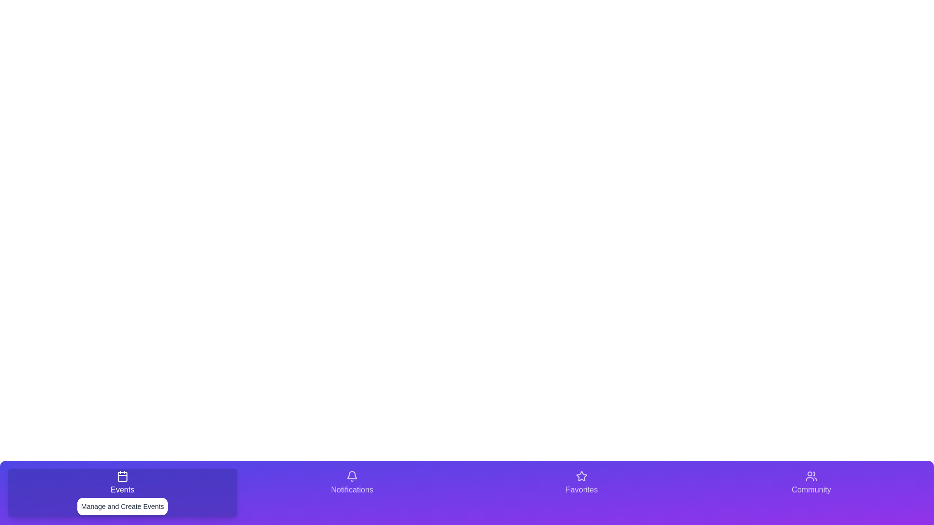 This screenshot has height=525, width=934. Describe the element at coordinates (581, 493) in the screenshot. I see `the tab corresponding to Favorites` at that location.